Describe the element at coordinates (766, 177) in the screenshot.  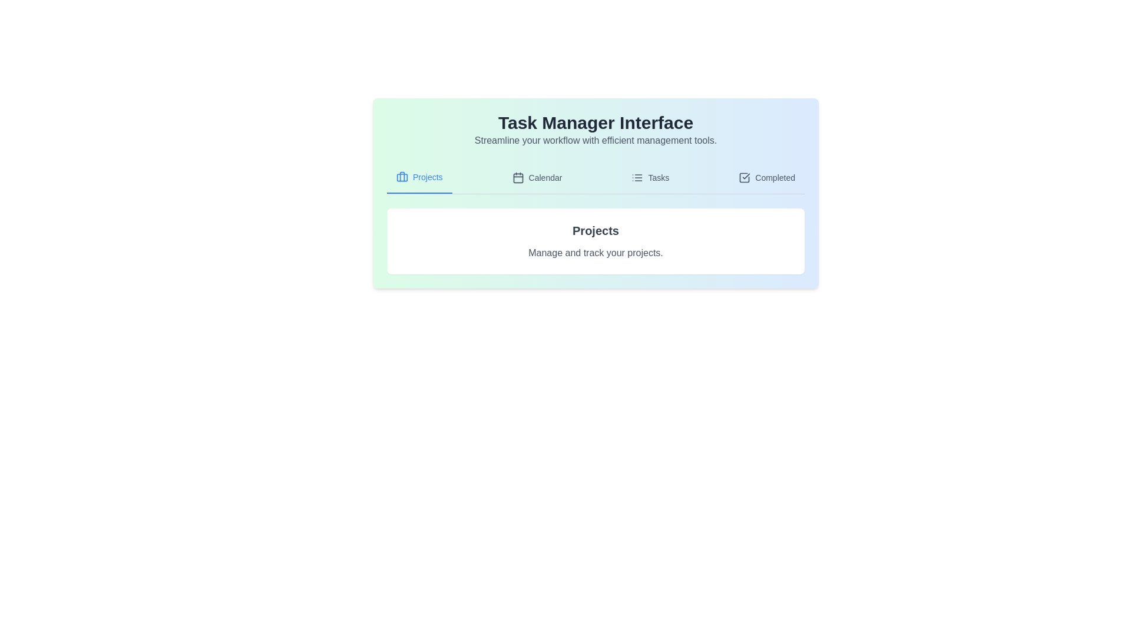
I see `the tab corresponding to Completed to display its content` at that location.